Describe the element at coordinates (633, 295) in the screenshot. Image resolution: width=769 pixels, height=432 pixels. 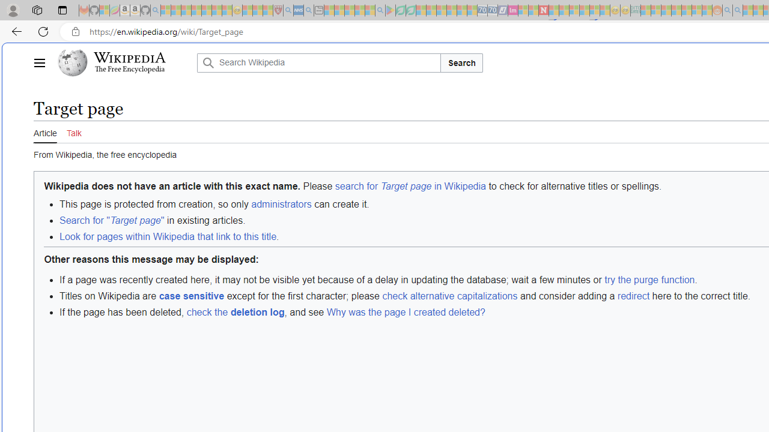
I see `'redirect'` at that location.